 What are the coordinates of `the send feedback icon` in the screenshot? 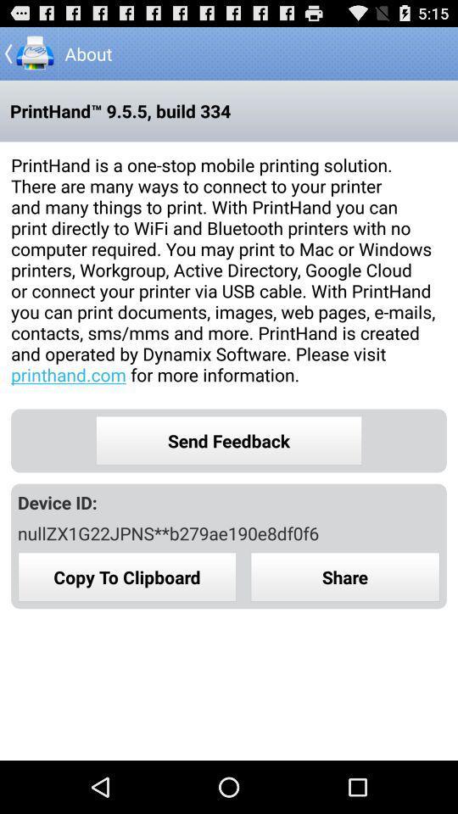 It's located at (229, 439).